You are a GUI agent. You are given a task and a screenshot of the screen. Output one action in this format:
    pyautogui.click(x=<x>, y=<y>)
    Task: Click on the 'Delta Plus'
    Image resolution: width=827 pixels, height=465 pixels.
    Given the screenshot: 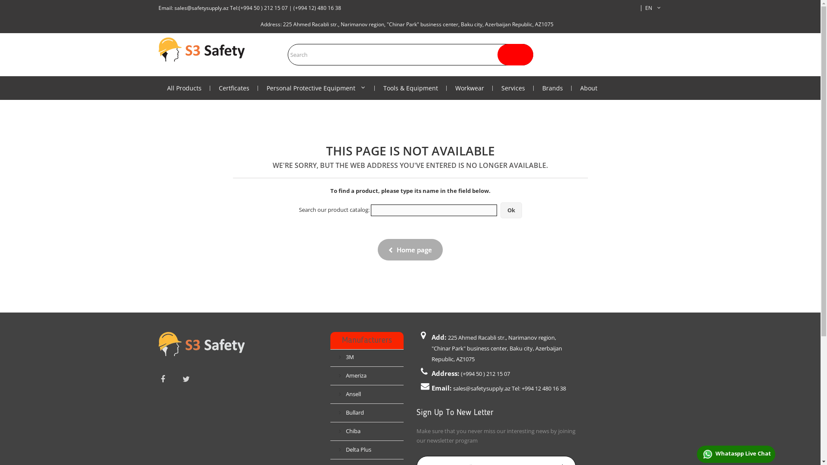 What is the action you would take?
    pyautogui.click(x=355, y=449)
    